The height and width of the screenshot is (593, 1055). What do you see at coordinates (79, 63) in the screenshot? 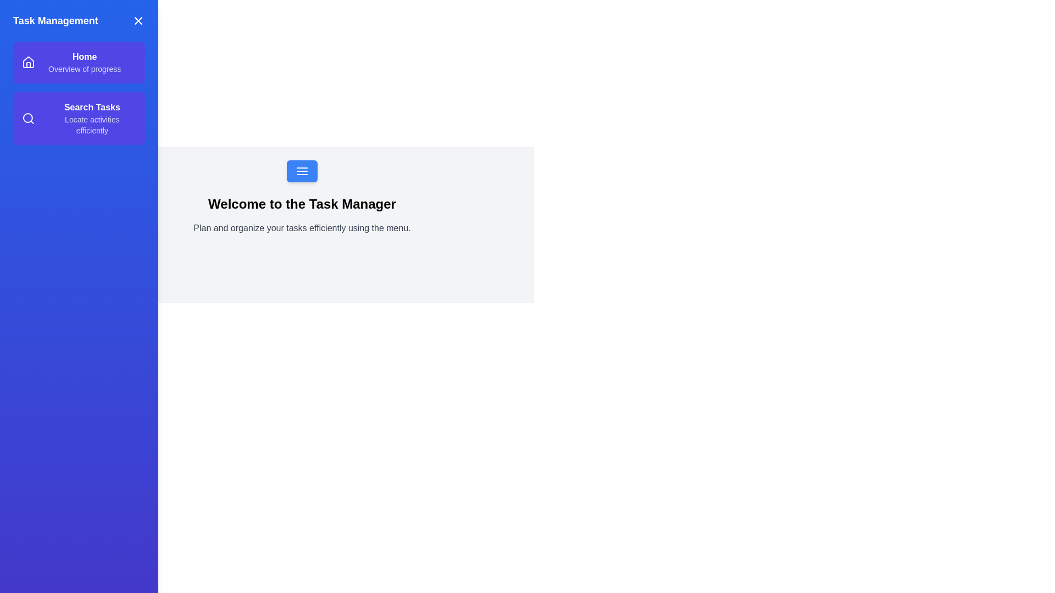
I see `the 'Home' section item in the drawer to navigate to the 'Home' section` at bounding box center [79, 63].